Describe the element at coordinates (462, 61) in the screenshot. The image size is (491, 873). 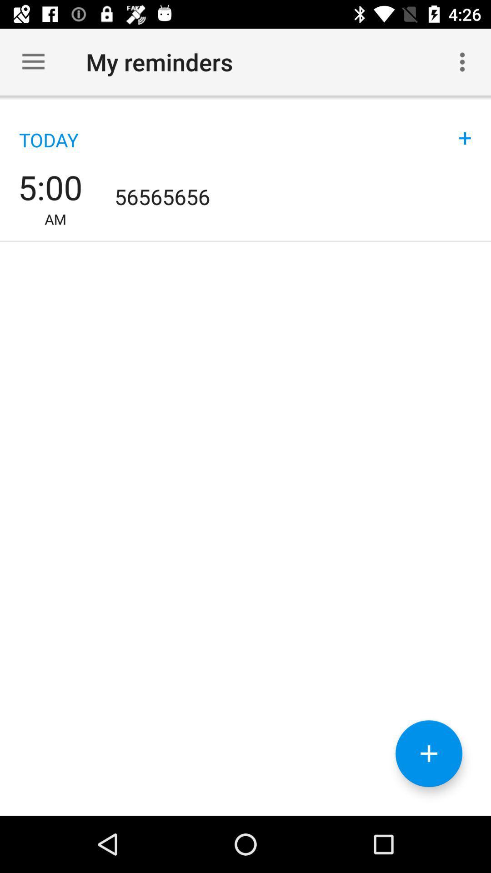
I see `the icon next to the my reminders` at that location.